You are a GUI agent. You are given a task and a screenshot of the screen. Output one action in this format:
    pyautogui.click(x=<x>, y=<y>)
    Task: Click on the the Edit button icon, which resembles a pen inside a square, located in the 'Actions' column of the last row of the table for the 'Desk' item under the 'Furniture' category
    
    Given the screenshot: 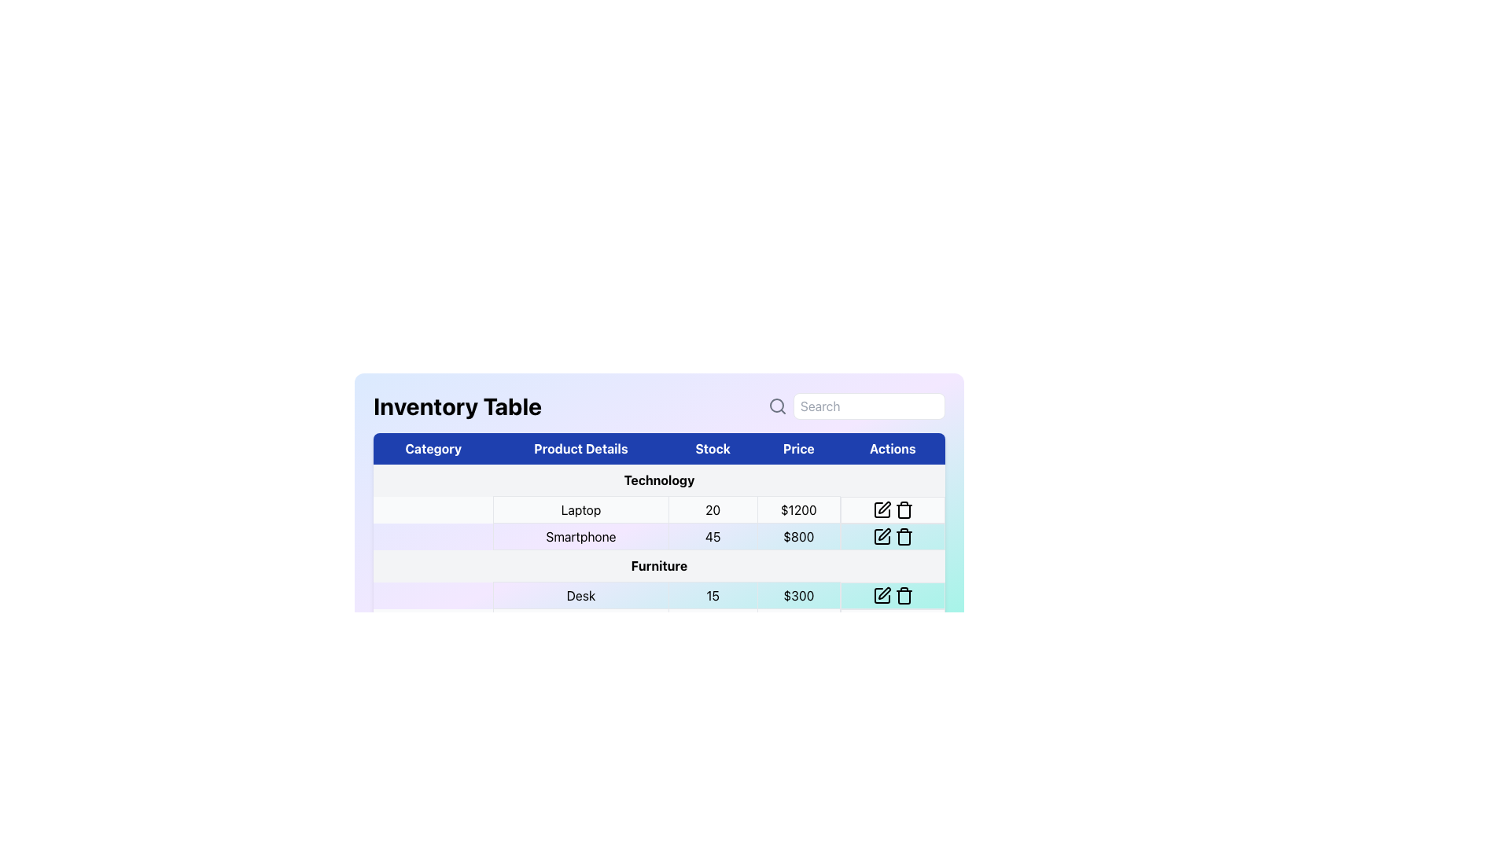 What is the action you would take?
    pyautogui.click(x=883, y=592)
    